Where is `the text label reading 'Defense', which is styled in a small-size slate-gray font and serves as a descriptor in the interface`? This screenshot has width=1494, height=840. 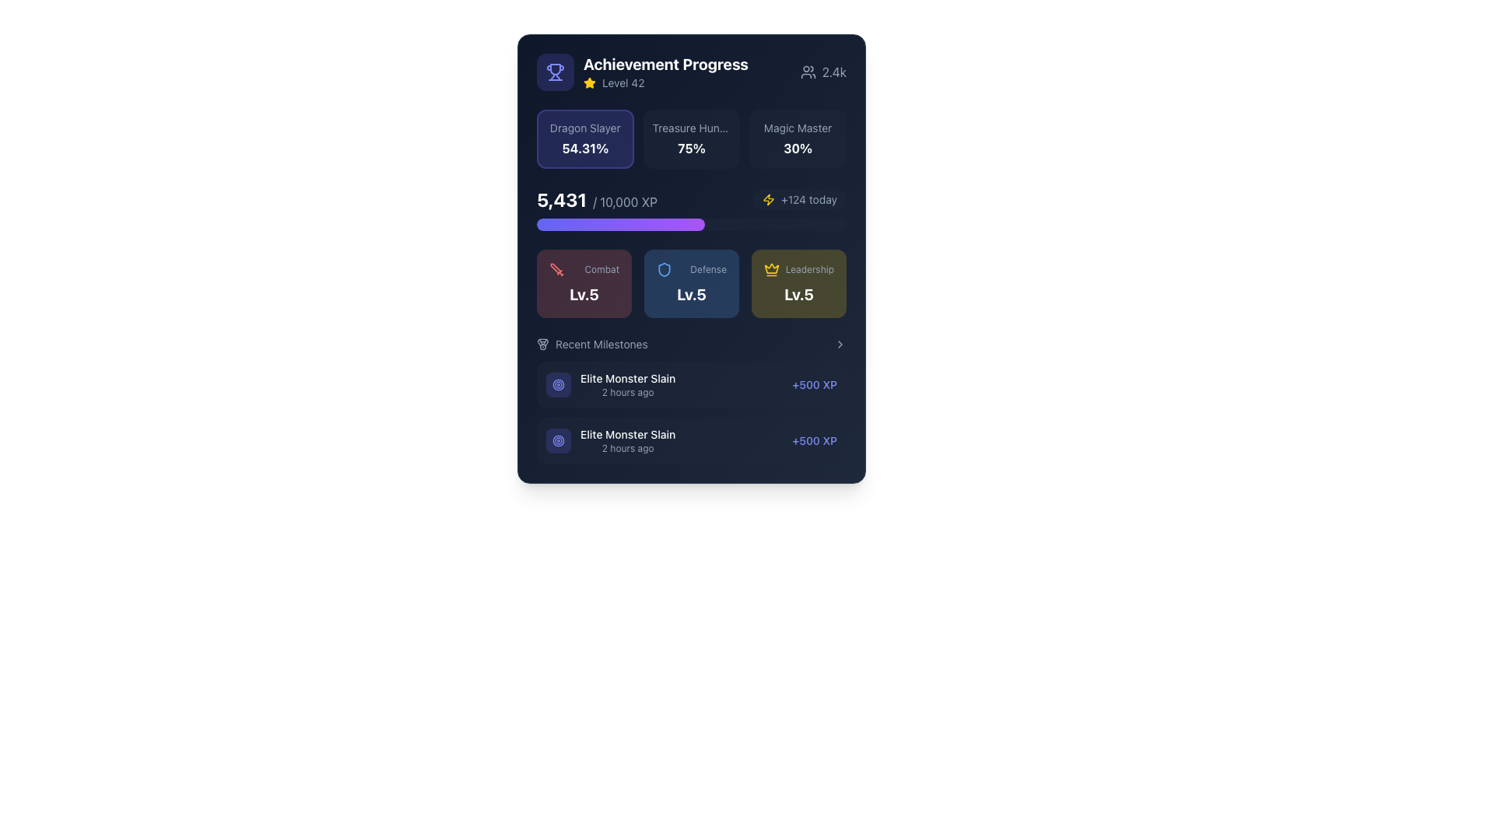 the text label reading 'Defense', which is styled in a small-size slate-gray font and serves as a descriptor in the interface is located at coordinates (707, 269).